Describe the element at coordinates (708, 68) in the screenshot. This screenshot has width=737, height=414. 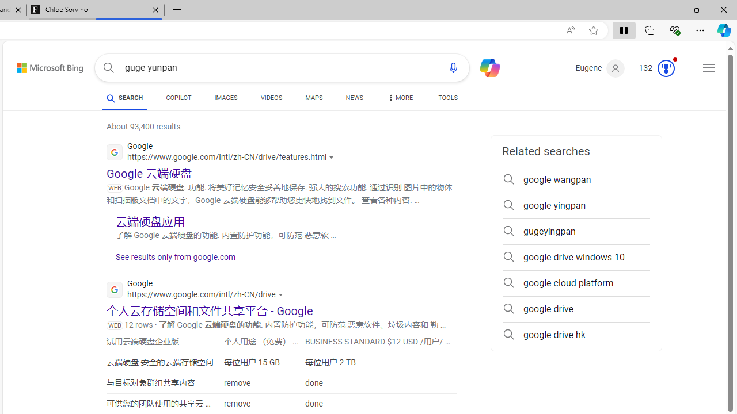
I see `'Settings and quick links'` at that location.